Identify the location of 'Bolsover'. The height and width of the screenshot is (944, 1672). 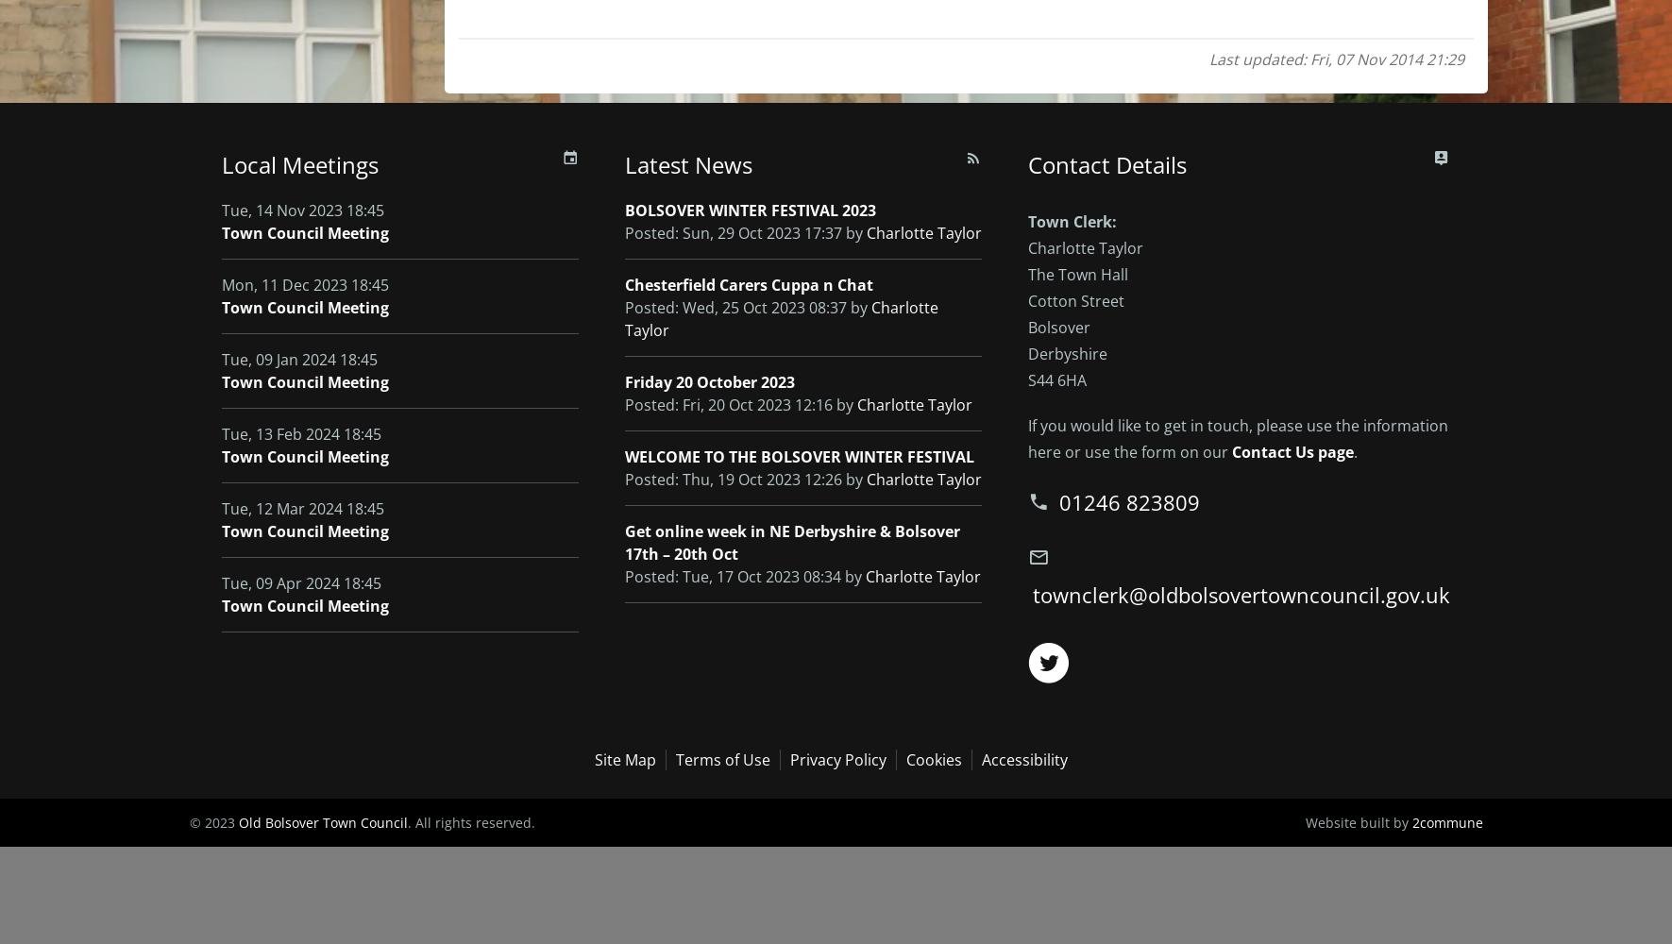
(1025, 327).